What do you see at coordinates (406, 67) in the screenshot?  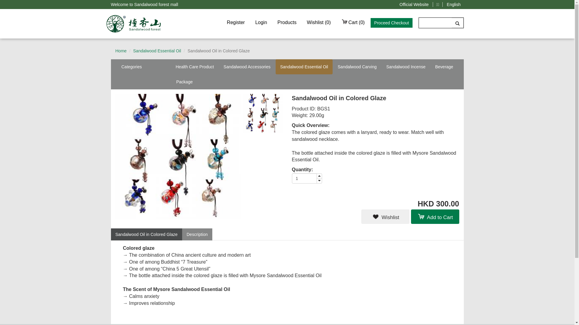 I see `'Sandalwood Incense'` at bounding box center [406, 67].